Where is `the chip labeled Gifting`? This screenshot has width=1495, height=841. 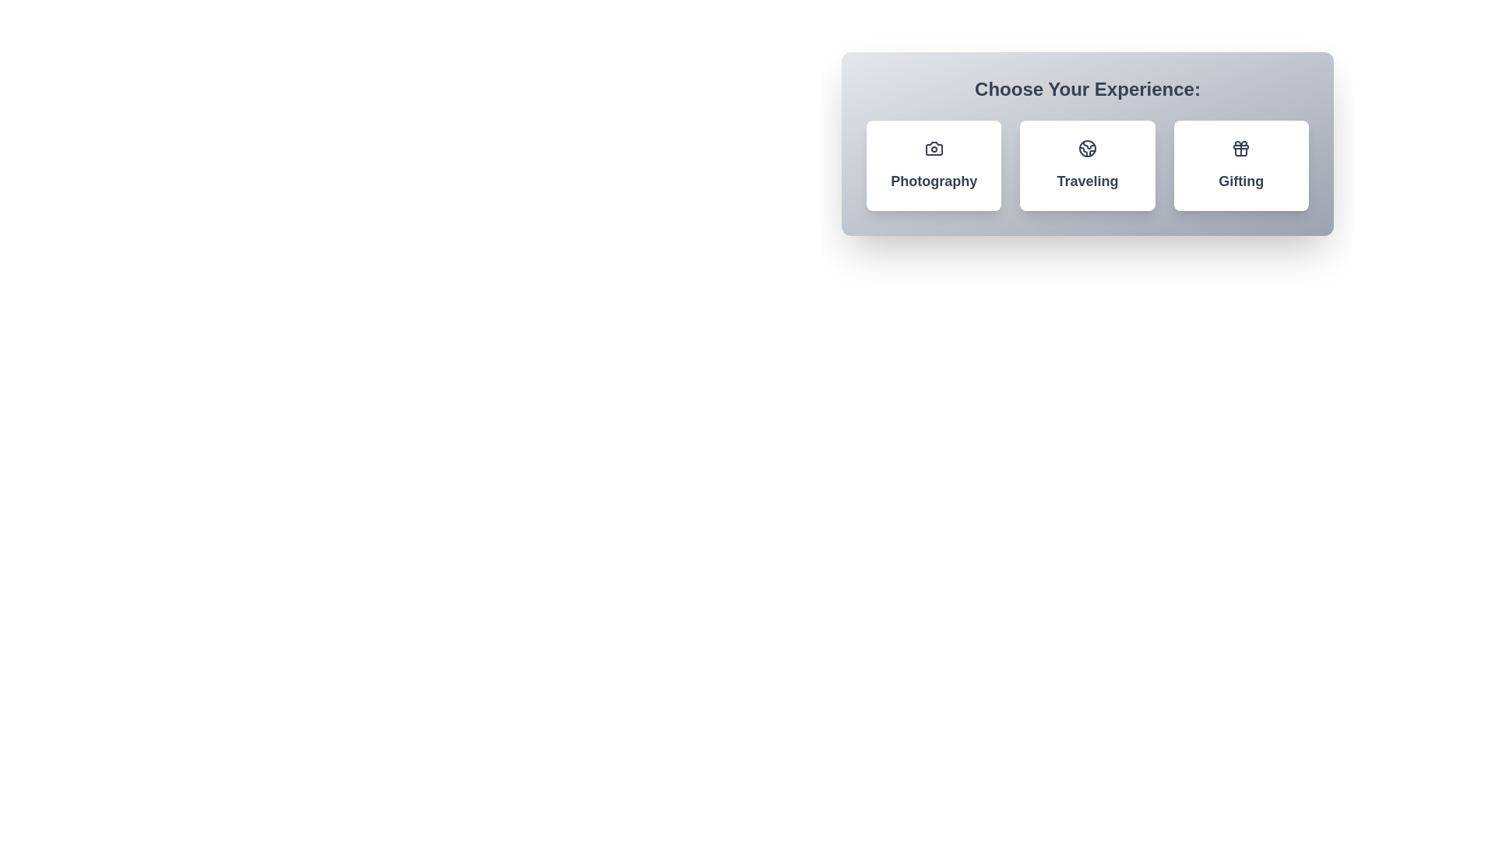 the chip labeled Gifting is located at coordinates (1240, 165).